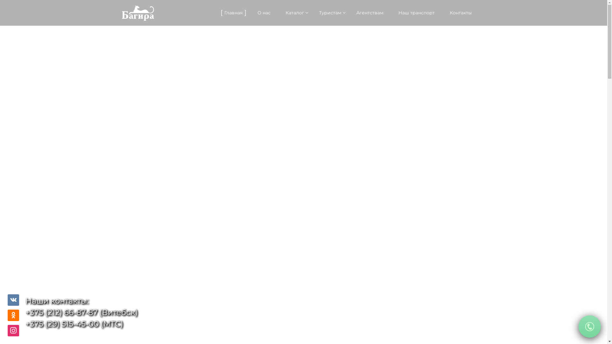  Describe the element at coordinates (13, 300) in the screenshot. I see `'vkontakte'` at that location.